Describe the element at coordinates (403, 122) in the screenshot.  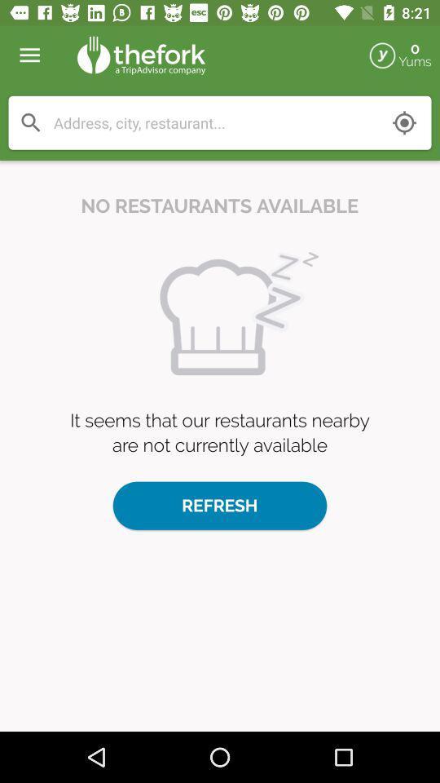
I see `find your location` at that location.